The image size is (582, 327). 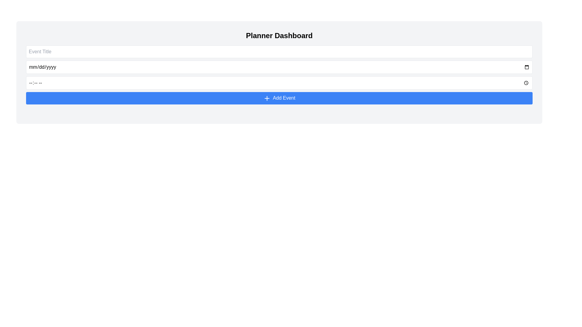 I want to click on the small '+' icon located within the blue 'Add Event' button, positioned to the left of the label text, so click(x=267, y=98).